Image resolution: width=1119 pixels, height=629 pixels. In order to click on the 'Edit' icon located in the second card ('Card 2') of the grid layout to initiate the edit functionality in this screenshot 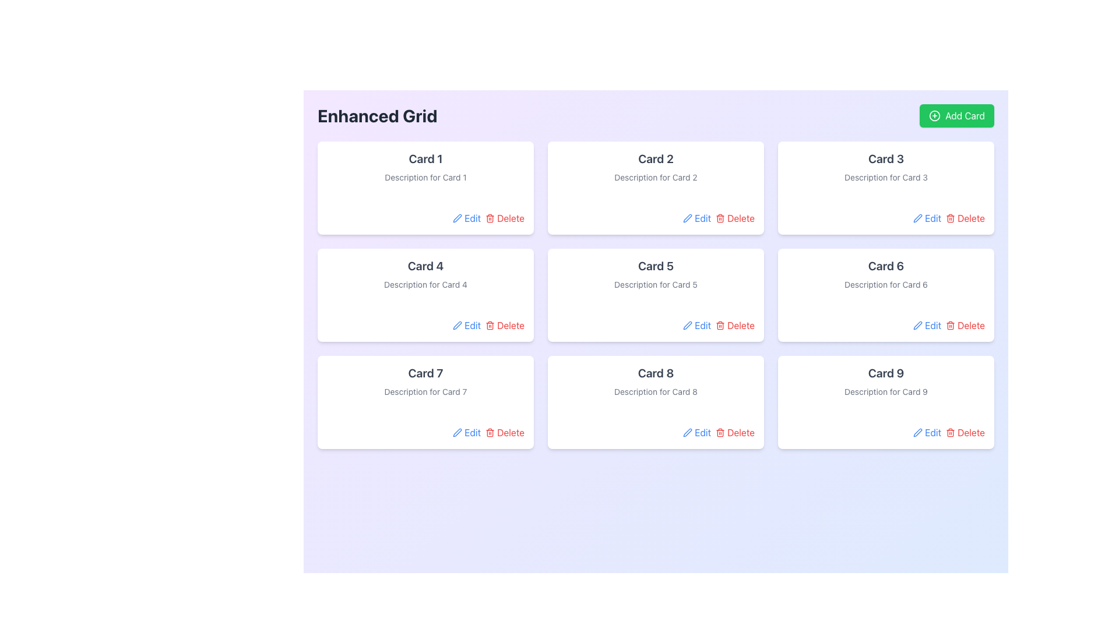, I will do `click(688, 218)`.